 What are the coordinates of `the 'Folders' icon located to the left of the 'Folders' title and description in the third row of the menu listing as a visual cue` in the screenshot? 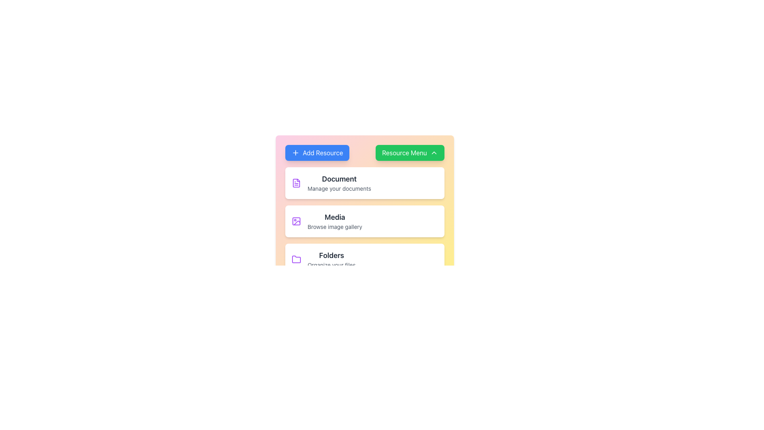 It's located at (296, 259).